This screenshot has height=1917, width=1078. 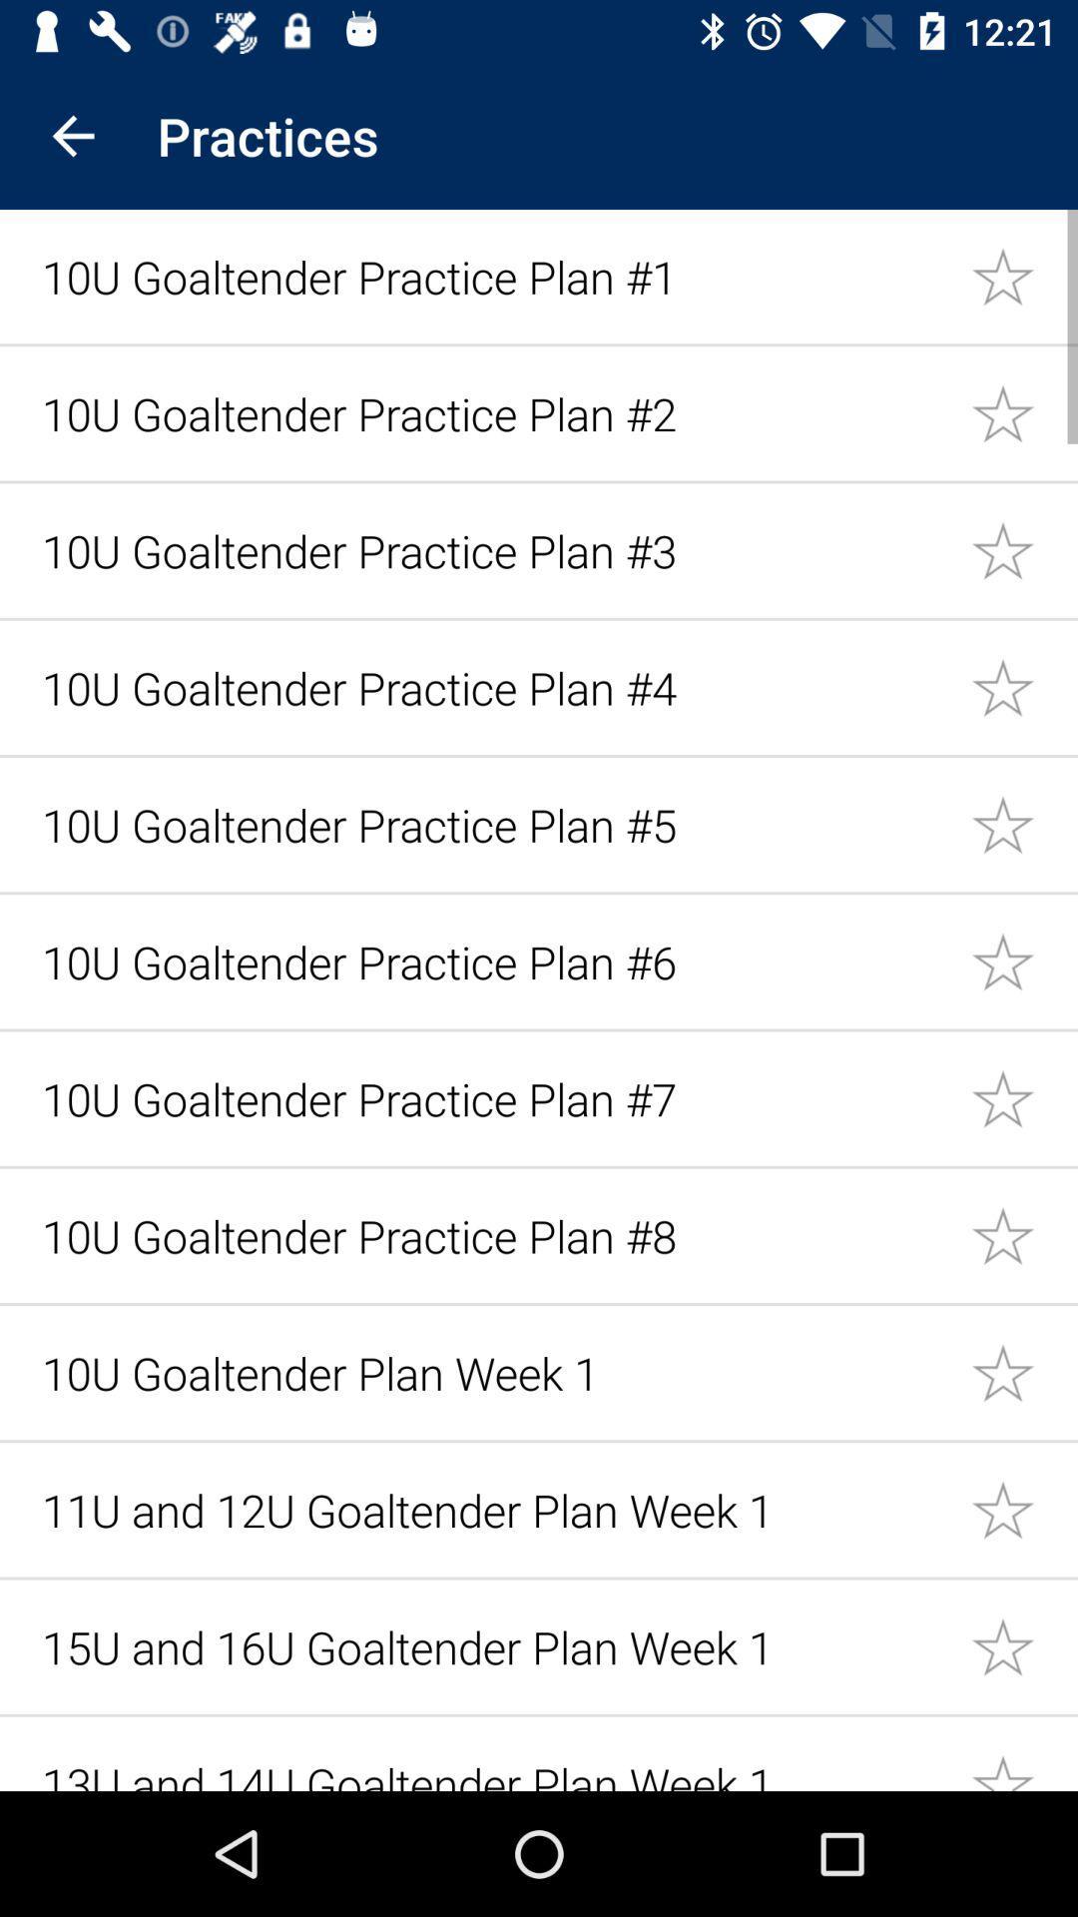 I want to click on star, so click(x=1024, y=275).